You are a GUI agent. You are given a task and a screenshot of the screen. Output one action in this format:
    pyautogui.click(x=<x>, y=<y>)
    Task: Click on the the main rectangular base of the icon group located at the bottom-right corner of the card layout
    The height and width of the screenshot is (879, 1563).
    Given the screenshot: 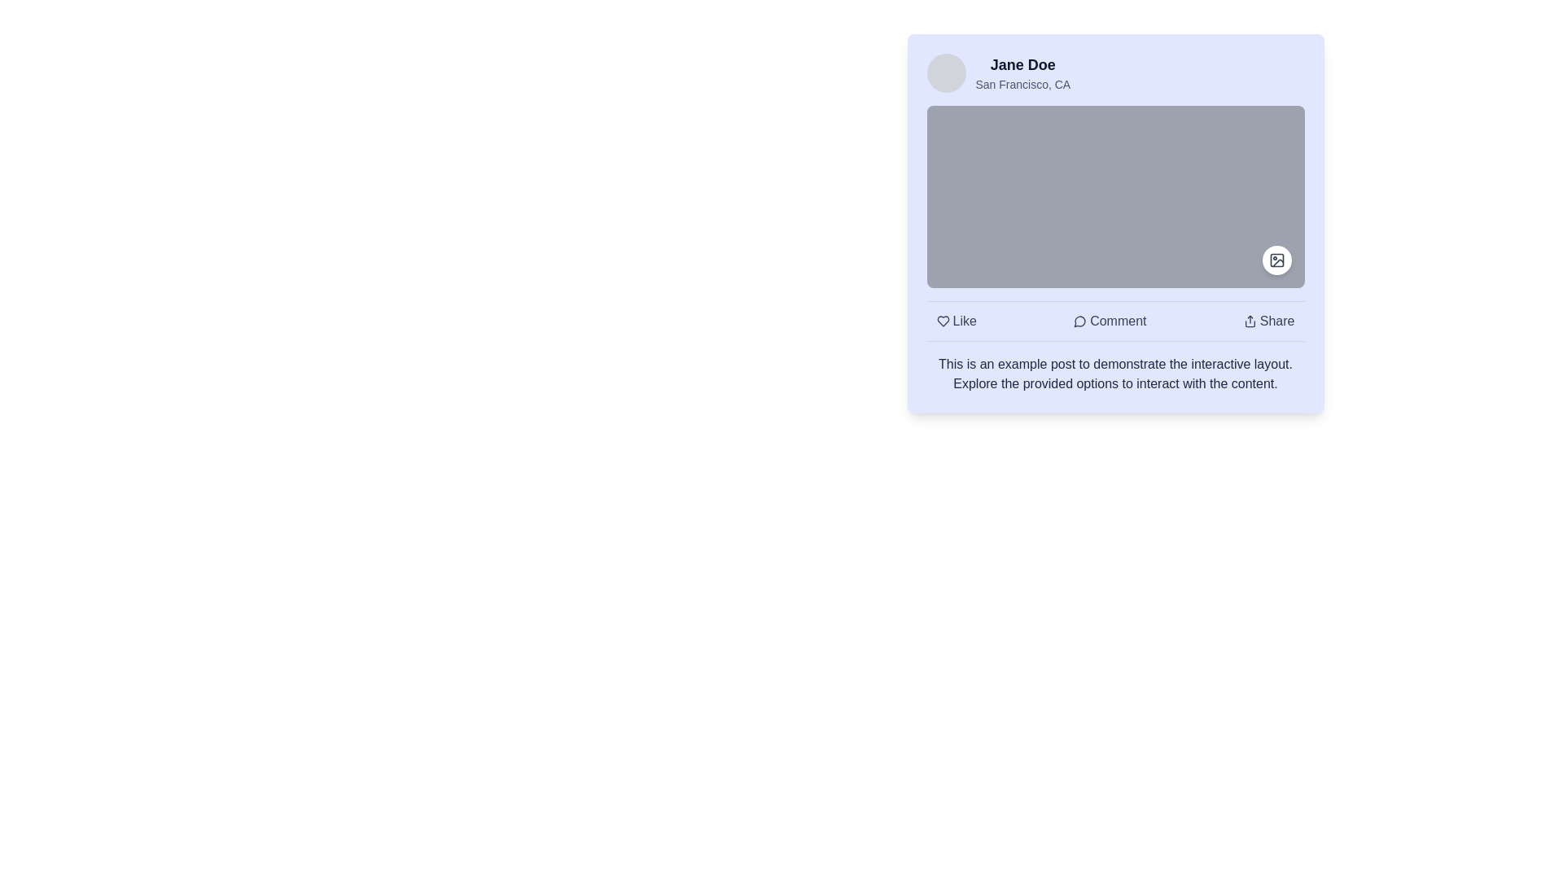 What is the action you would take?
    pyautogui.click(x=1276, y=260)
    